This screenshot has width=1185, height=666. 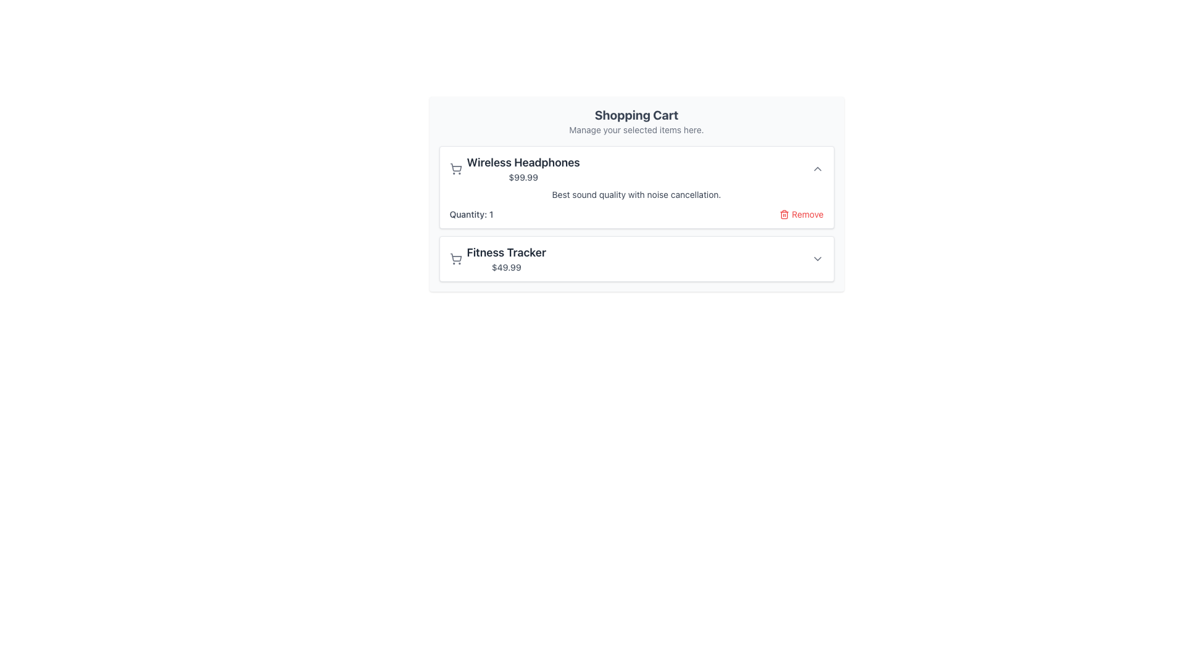 I want to click on the dropdown arrow on the second item card in the shopping cart, so click(x=636, y=258).